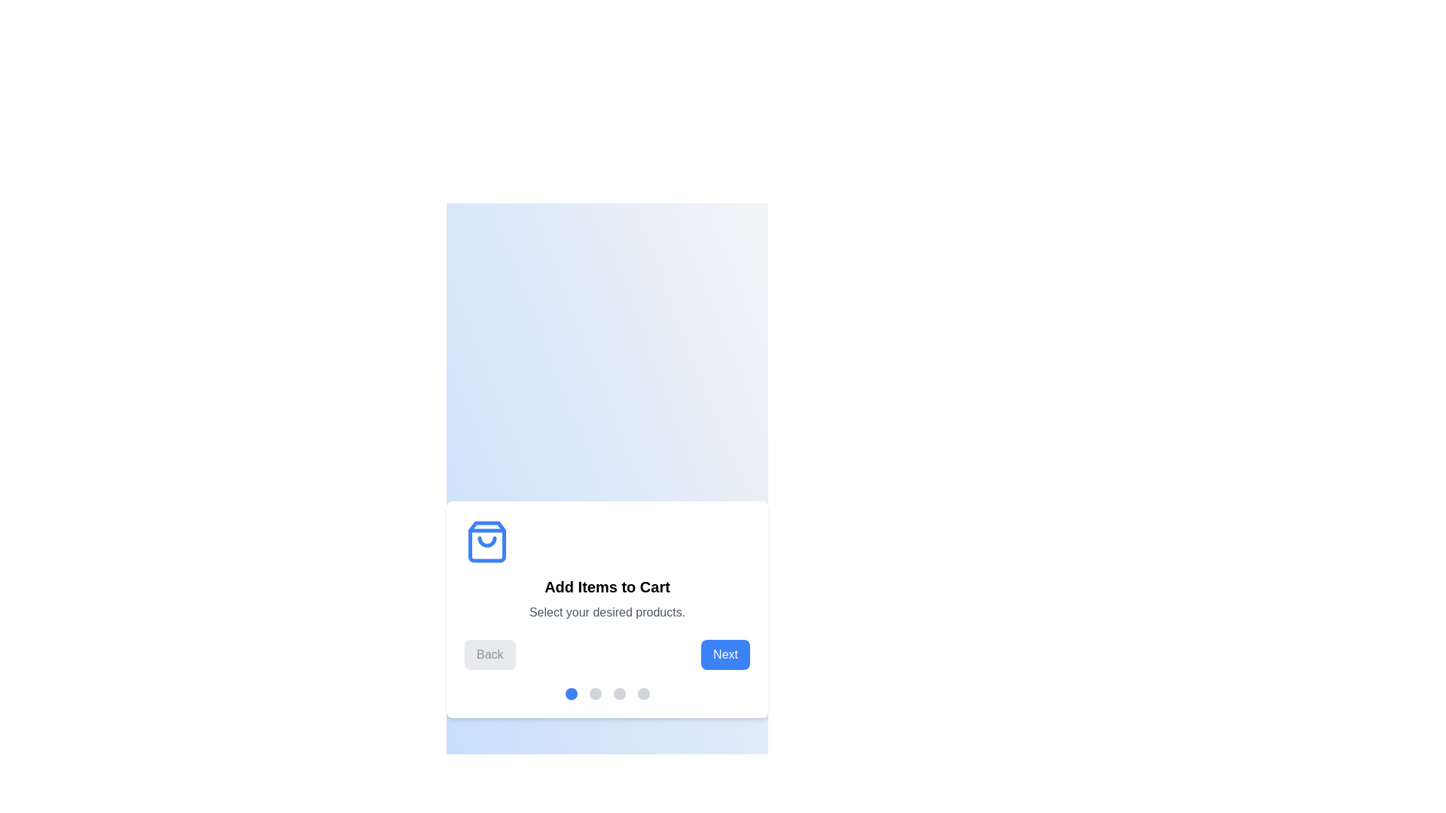 The width and height of the screenshot is (1446, 813). What do you see at coordinates (487, 542) in the screenshot?
I see `the step's icon by clicking on it` at bounding box center [487, 542].